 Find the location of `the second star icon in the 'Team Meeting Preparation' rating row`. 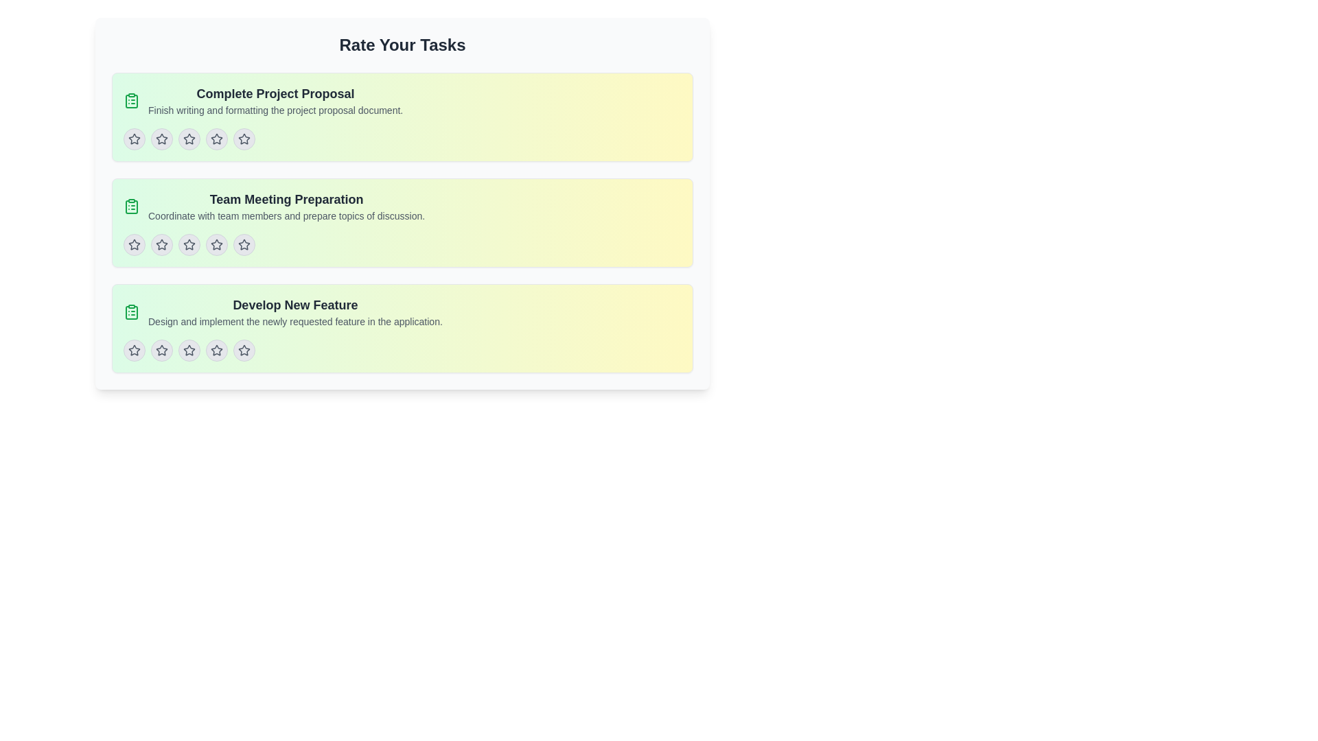

the second star icon in the 'Team Meeting Preparation' rating row is located at coordinates (161, 244).